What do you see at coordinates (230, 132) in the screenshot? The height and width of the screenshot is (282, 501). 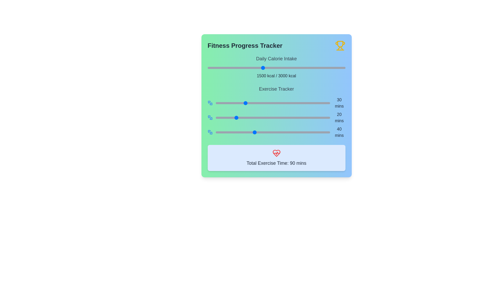 I see `the exercise time` at bounding box center [230, 132].